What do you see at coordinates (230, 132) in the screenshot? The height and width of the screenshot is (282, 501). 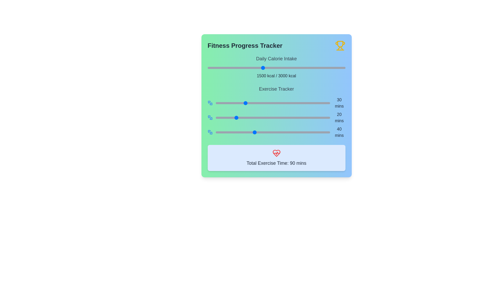 I see `the exercise time` at bounding box center [230, 132].